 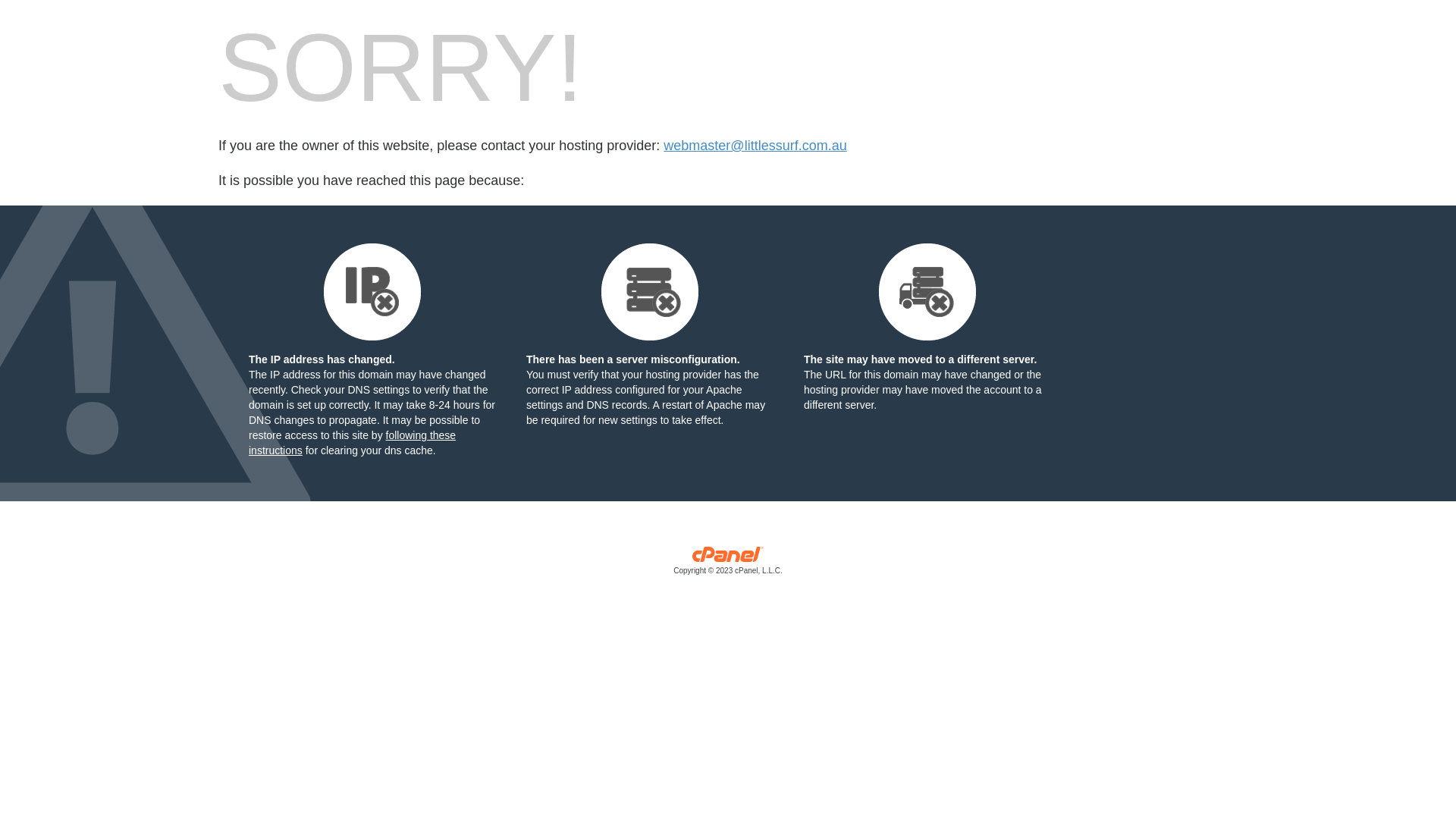 What do you see at coordinates (351, 442) in the screenshot?
I see `'following these instructions'` at bounding box center [351, 442].